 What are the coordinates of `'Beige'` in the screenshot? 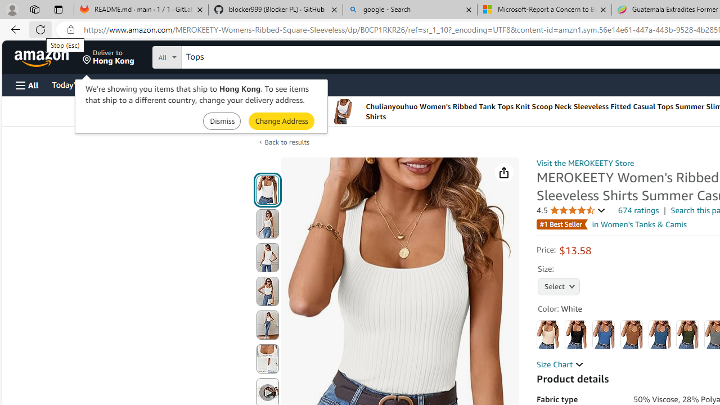 It's located at (548, 334).